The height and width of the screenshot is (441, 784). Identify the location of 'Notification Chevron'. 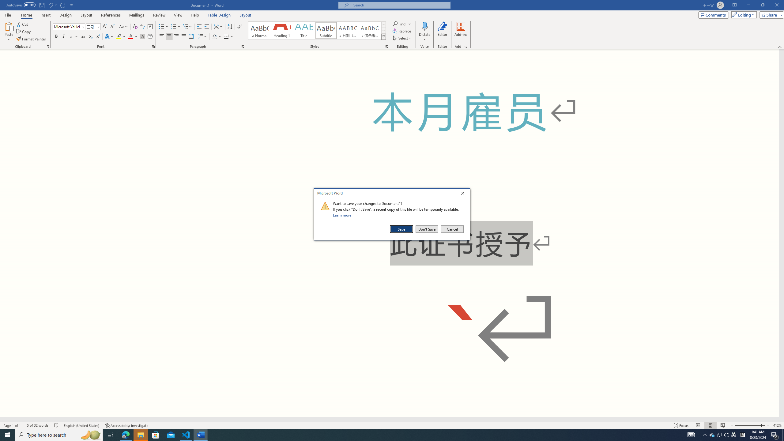
(712, 434).